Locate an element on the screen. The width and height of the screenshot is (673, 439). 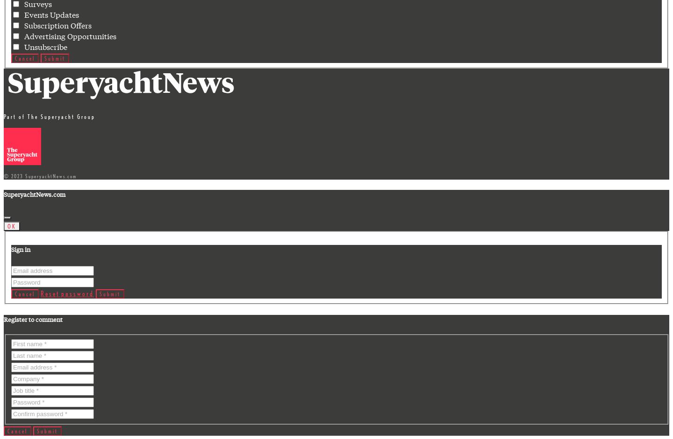
'Unsubscribe' is located at coordinates (44, 46).